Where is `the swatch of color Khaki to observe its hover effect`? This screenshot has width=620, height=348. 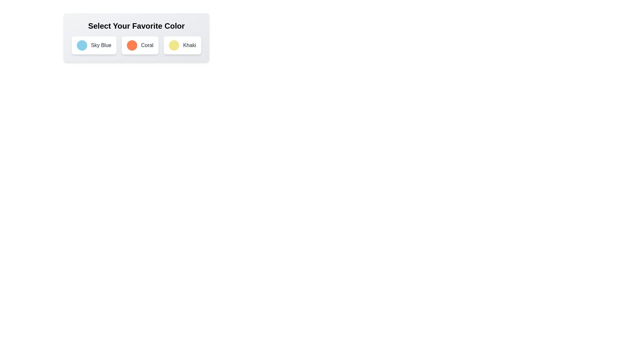 the swatch of color Khaki to observe its hover effect is located at coordinates (174, 45).